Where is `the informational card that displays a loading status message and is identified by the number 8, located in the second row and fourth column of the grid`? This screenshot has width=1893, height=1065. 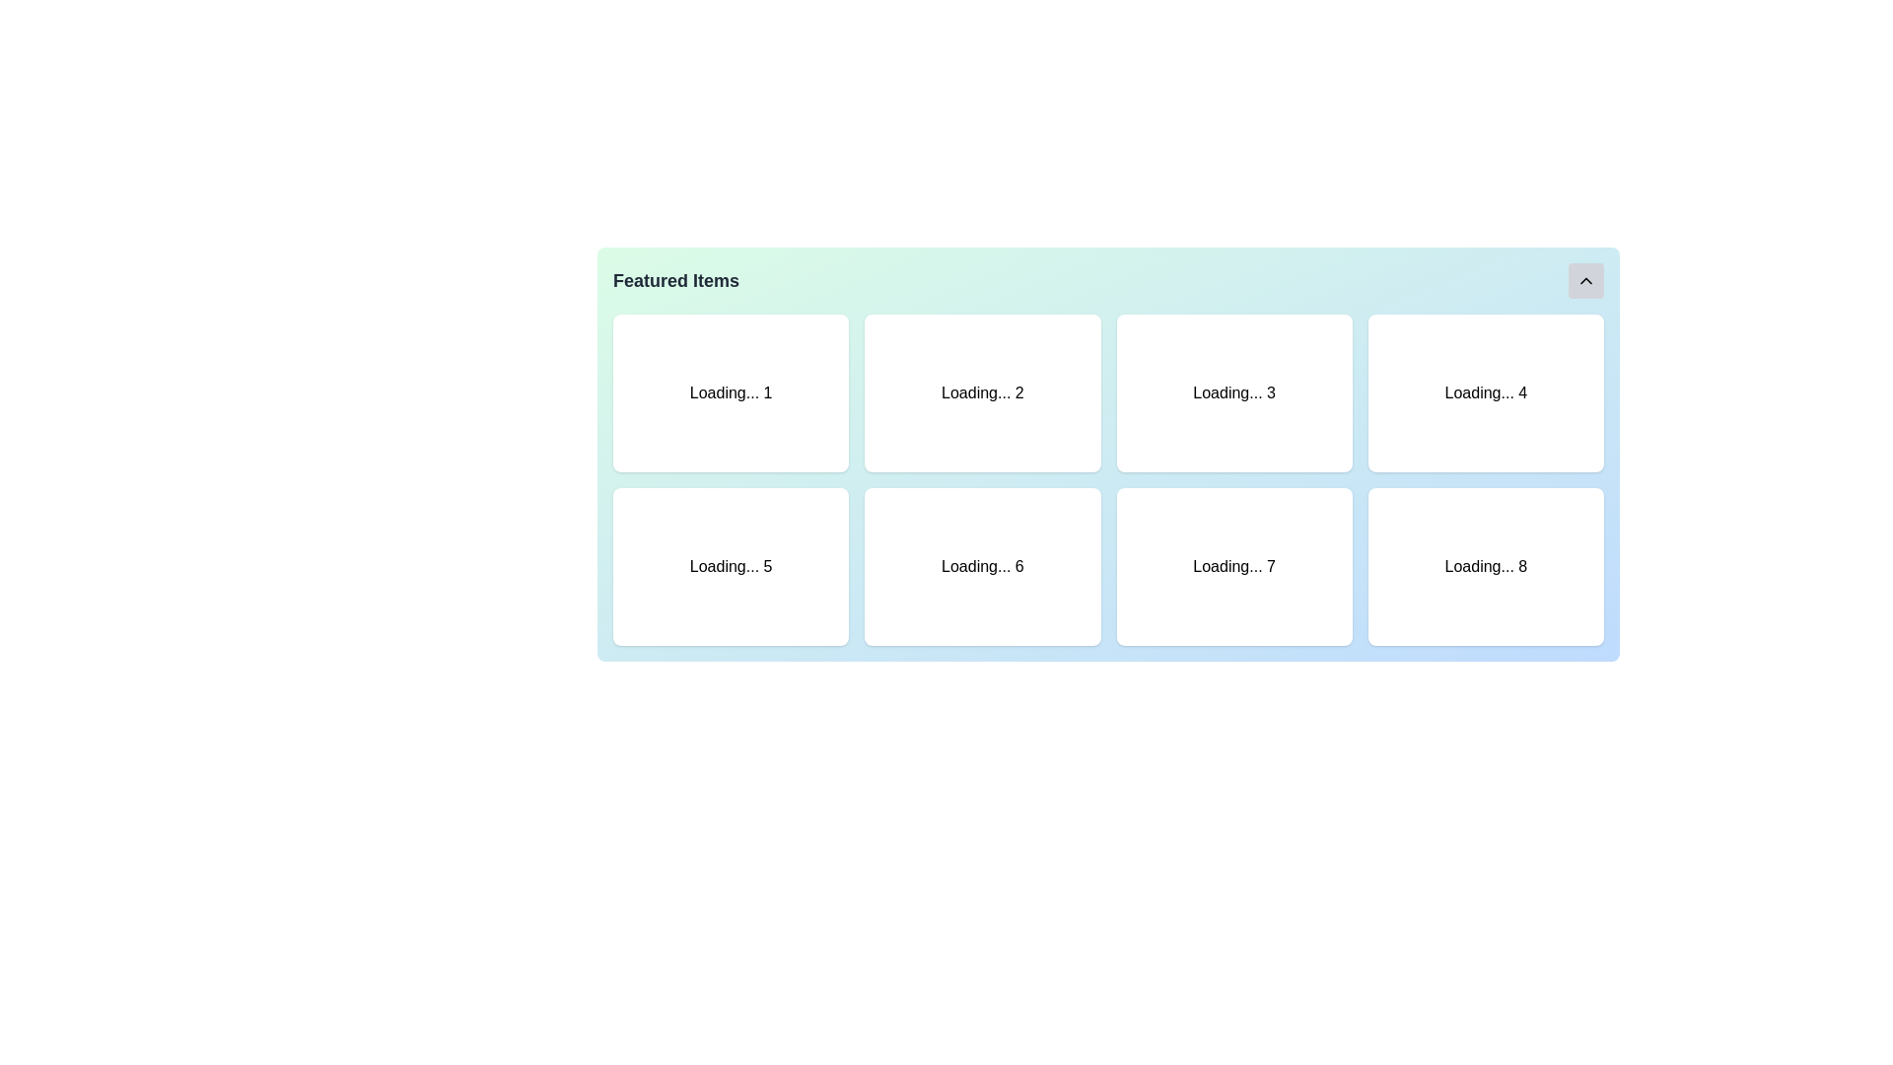 the informational card that displays a loading status message and is identified by the number 8, located in the second row and fourth column of the grid is located at coordinates (1486, 566).